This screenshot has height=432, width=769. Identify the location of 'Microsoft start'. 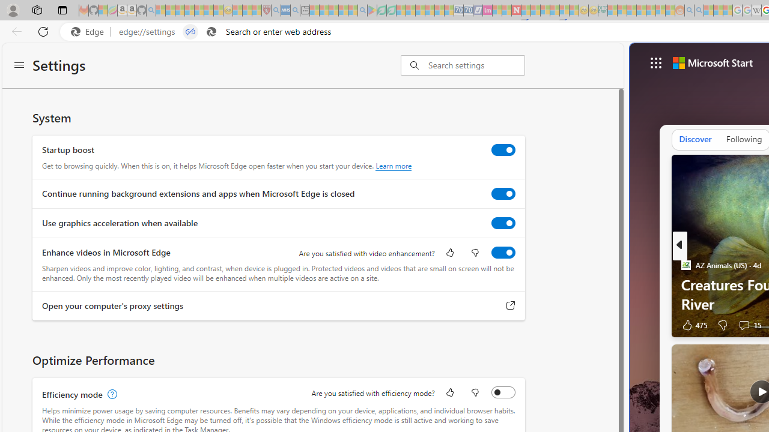
(713, 63).